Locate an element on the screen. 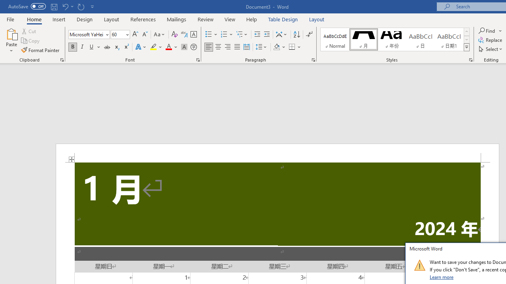 The width and height of the screenshot is (506, 284). 'Underline' is located at coordinates (92, 47).